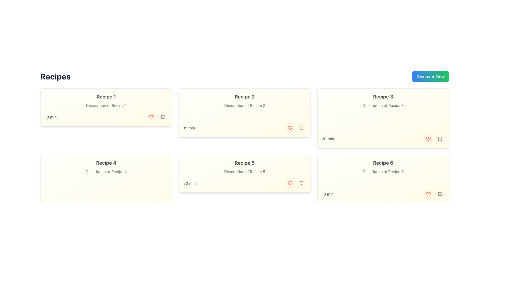  Describe the element at coordinates (383, 118) in the screenshot. I see `the decorative gradient background overlay of the card 'Recipe 3' located in the second row, third column of the grid layout` at that location.